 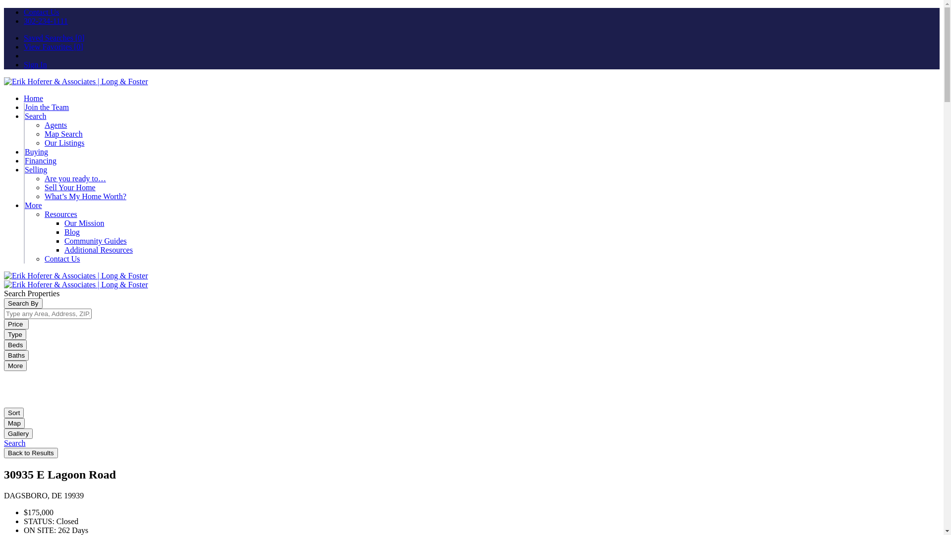 I want to click on 'Sign In', so click(x=24, y=64).